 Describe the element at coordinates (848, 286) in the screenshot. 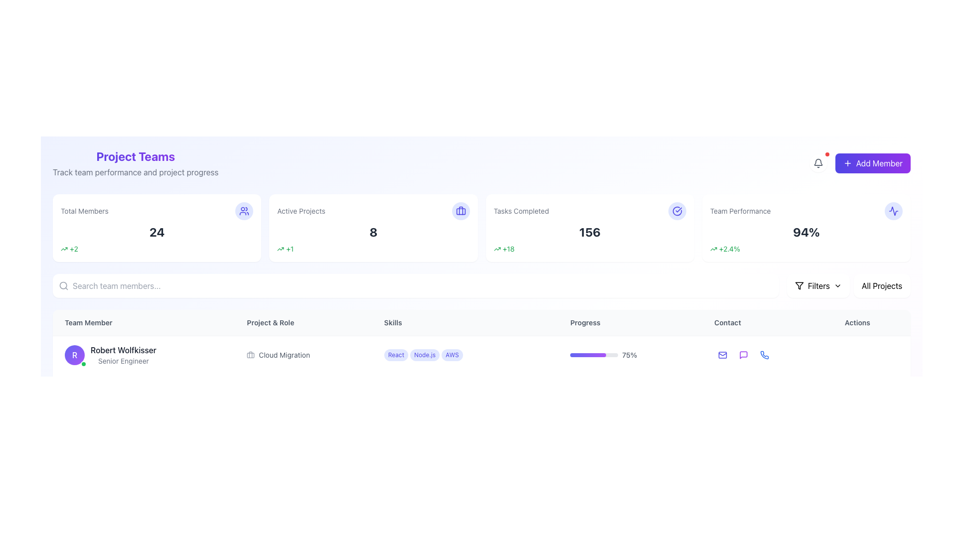

I see `the composite UI component that combines buttons, icons, and visual indicators for filtering and categorization` at that location.